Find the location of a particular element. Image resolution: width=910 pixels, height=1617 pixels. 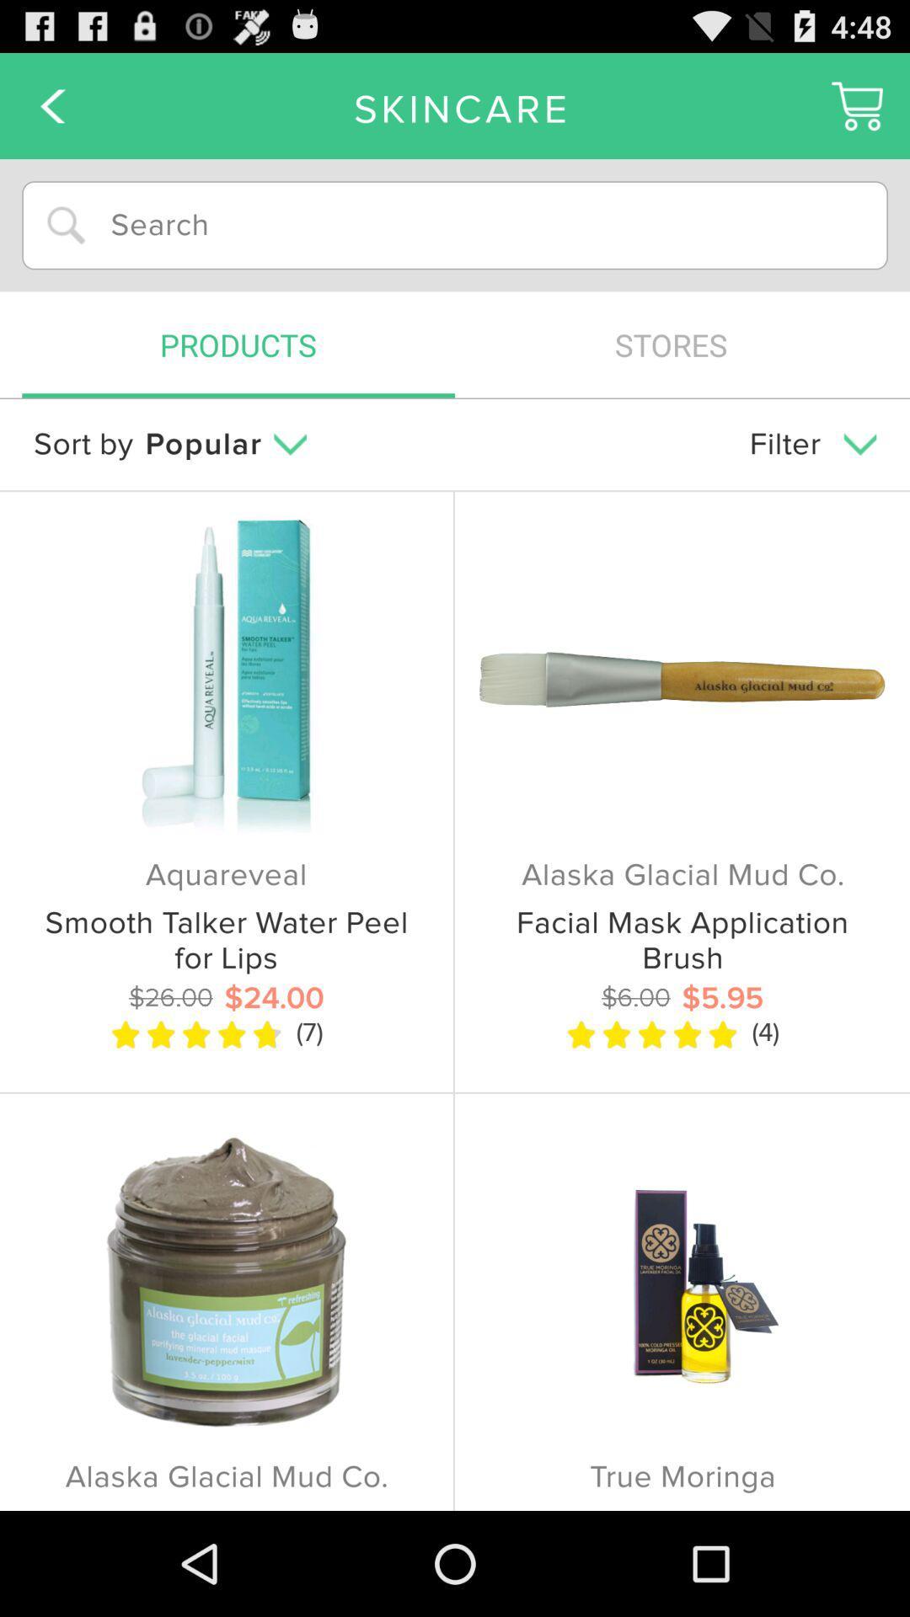

the arrow_backward icon is located at coordinates (51, 112).